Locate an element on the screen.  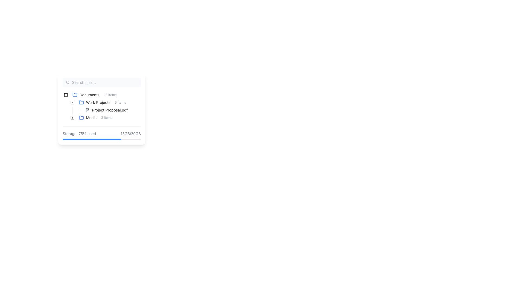
the static text label that reads 'Work Projects', which is positioned between a folder icon and a numerical label indicating '5 items' in the middle section of a hierarchical file management interface is located at coordinates (98, 103).